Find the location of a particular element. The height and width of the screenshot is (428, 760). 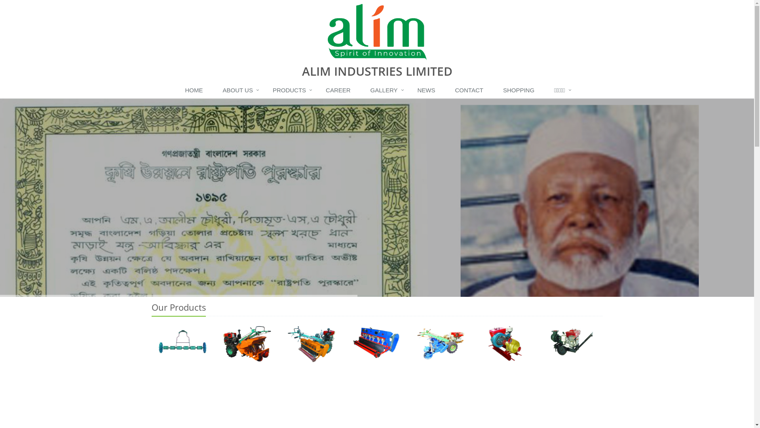

'CAREER' is located at coordinates (340, 90).